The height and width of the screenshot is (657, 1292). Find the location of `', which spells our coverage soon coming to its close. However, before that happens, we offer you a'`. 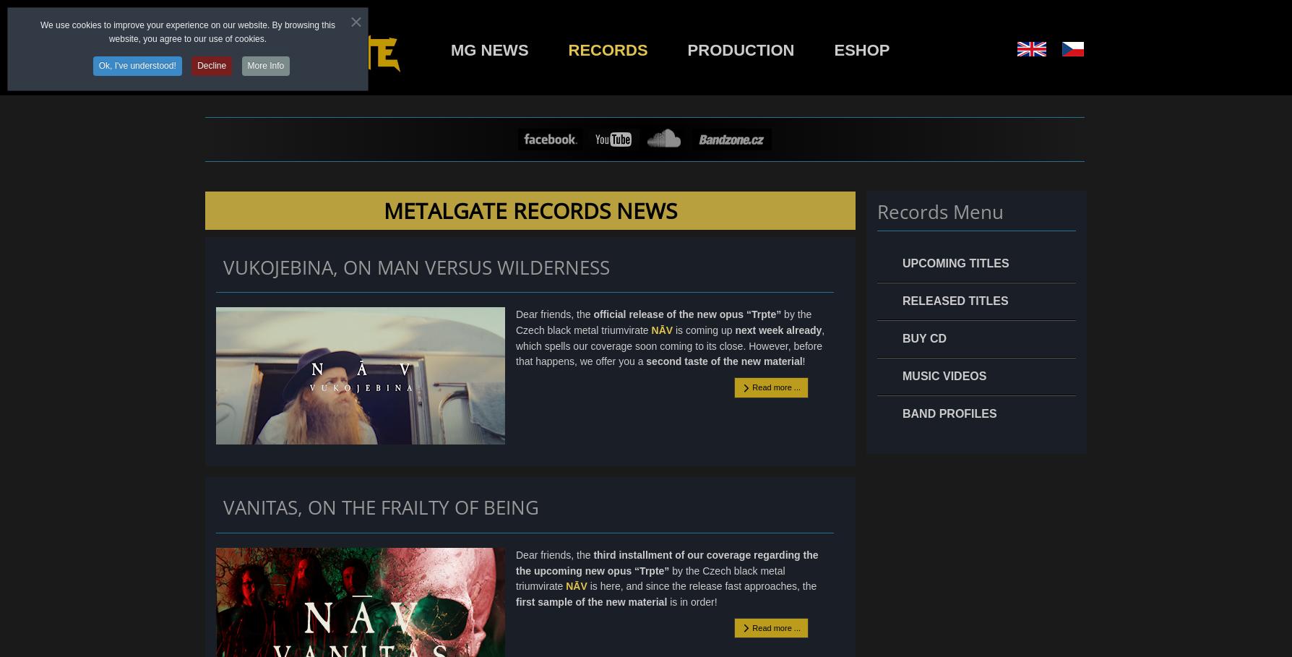

', which spells our coverage soon coming to its close. However, before that happens, we offer you a' is located at coordinates (670, 345).